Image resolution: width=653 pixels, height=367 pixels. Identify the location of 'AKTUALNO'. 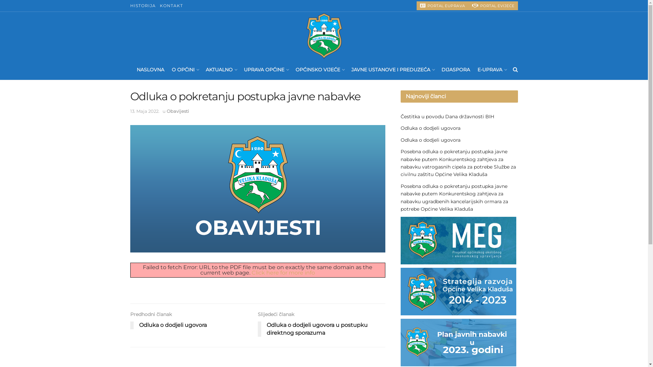
(221, 69).